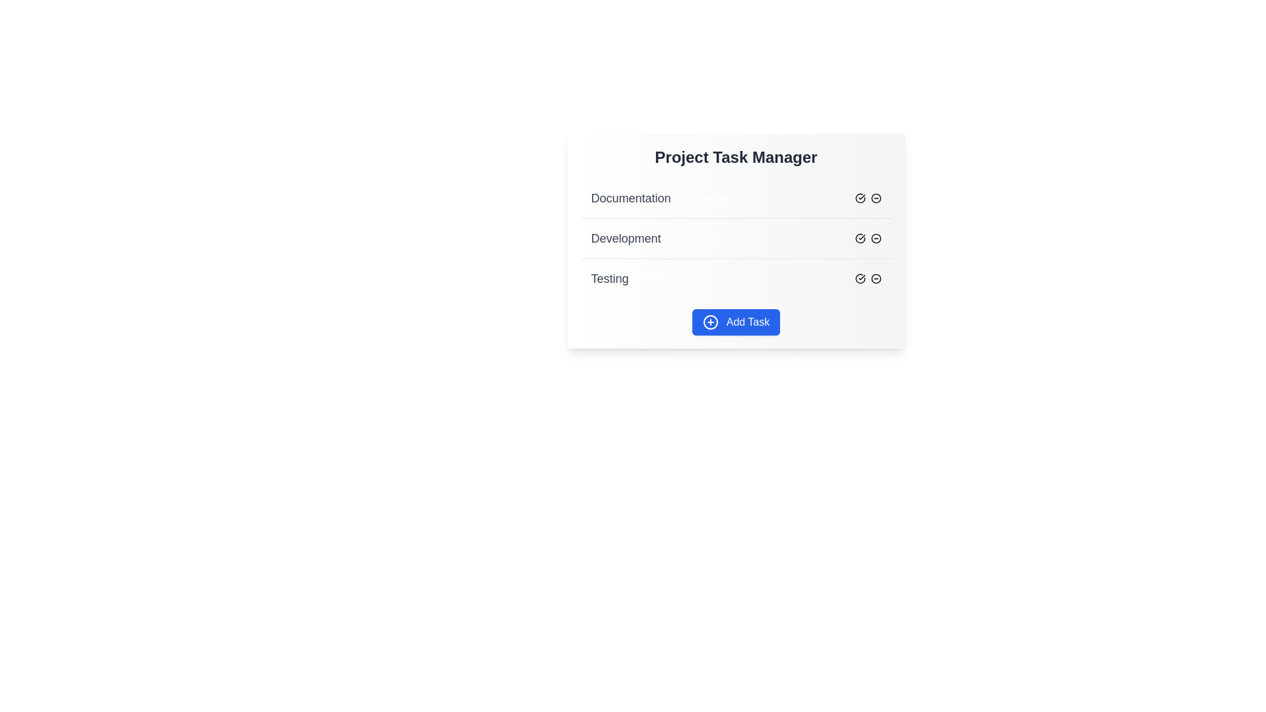 This screenshot has width=1266, height=712. Describe the element at coordinates (735, 198) in the screenshot. I see `the first task entry in the 'Project Task Manager' labeled 'Documentation' with a status of 'Completed'` at that location.